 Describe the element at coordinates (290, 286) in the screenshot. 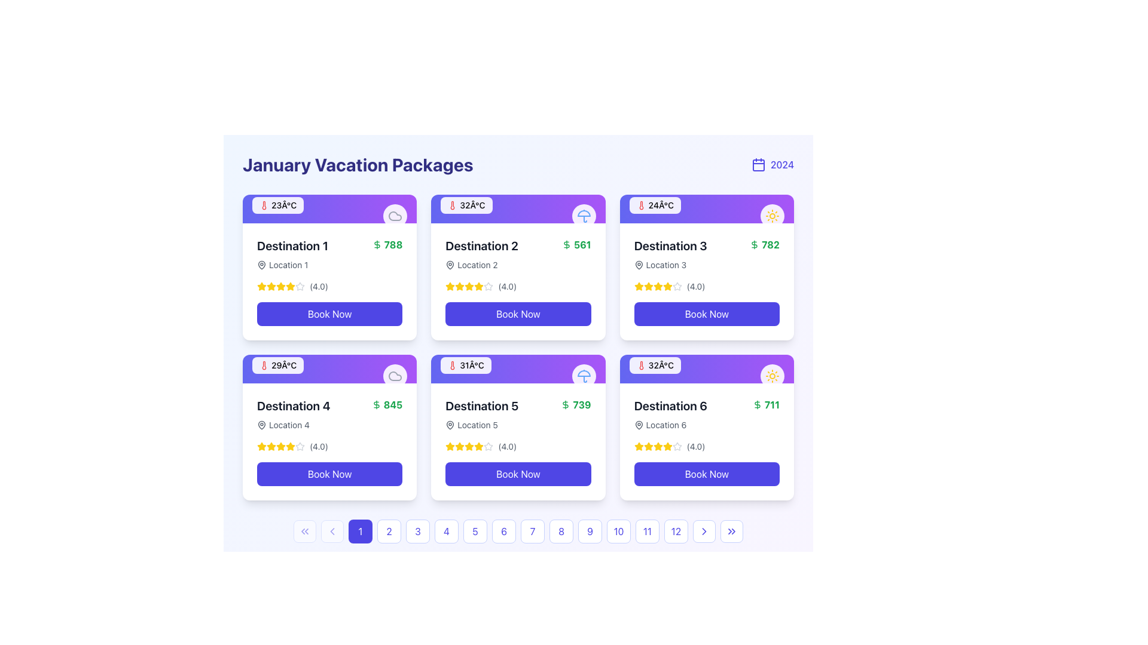

I see `the filled yellow star icon, which is the fifth star in the rating system` at that location.